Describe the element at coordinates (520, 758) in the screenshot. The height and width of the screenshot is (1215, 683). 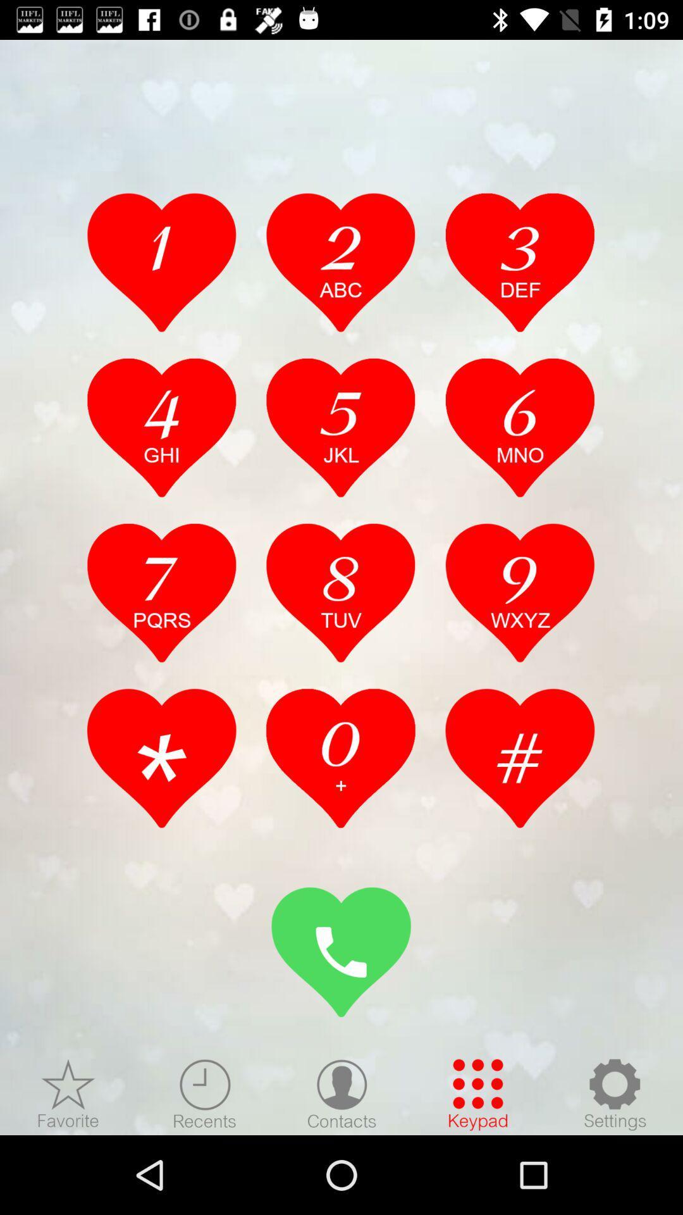
I see `check option aash` at that location.